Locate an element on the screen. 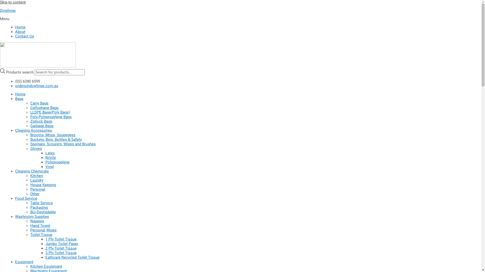 Image resolution: width=485 pixels, height=272 pixels. 'Nitrile' is located at coordinates (51, 157).